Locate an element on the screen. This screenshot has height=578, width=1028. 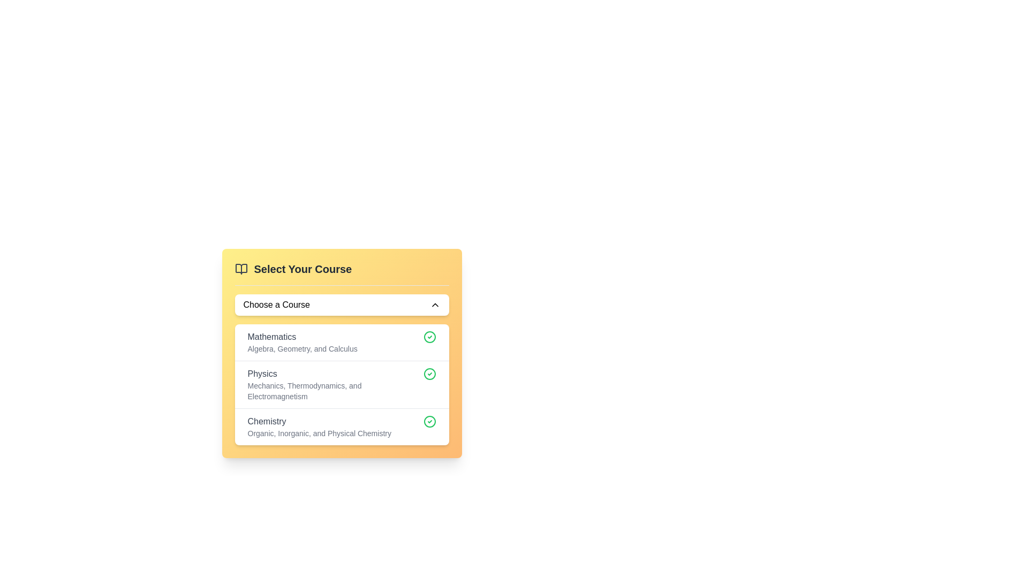
the selection status icon for the 'Physics' course, which is located on the right side of the course list item is located at coordinates (429, 373).